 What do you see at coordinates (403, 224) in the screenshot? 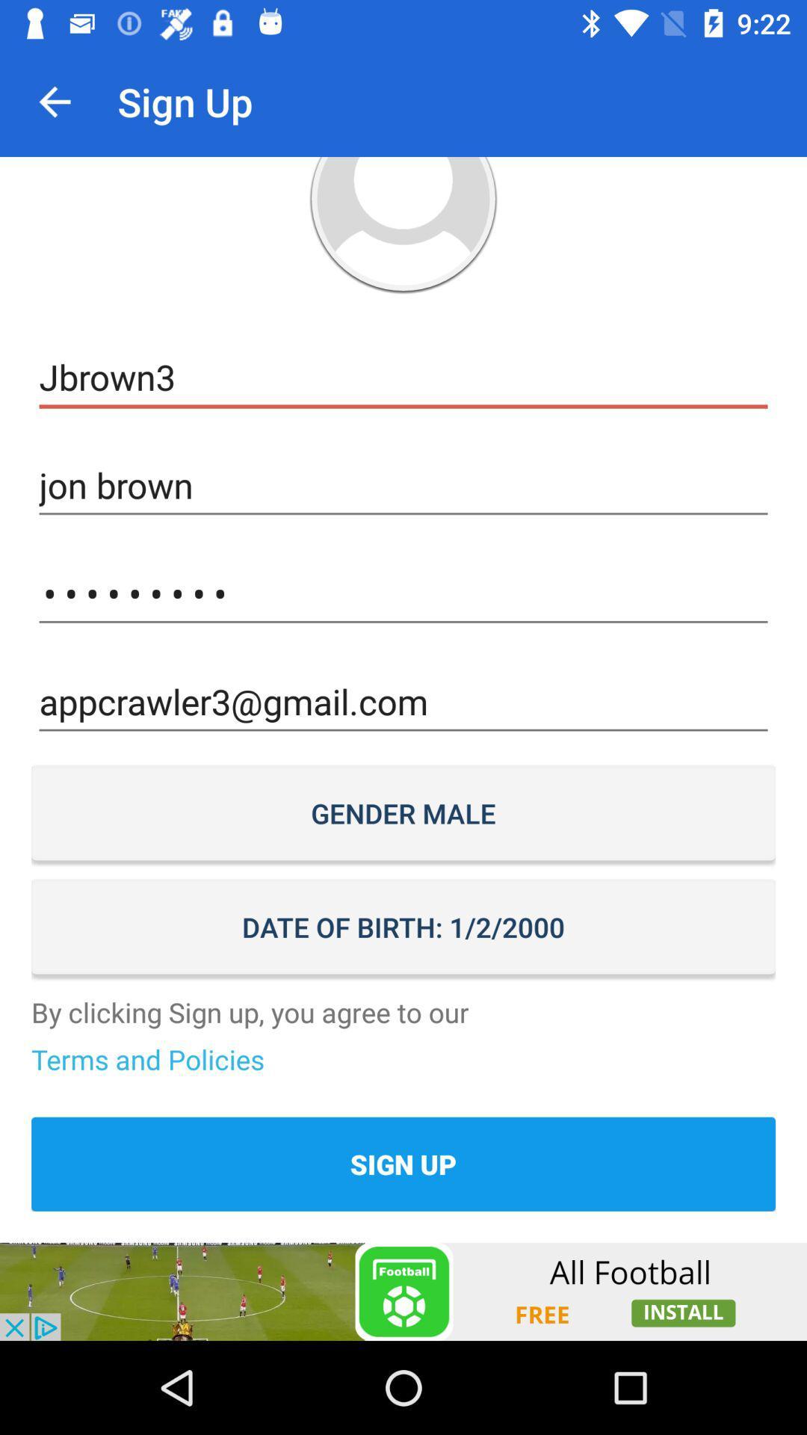
I see `open photo profile` at bounding box center [403, 224].